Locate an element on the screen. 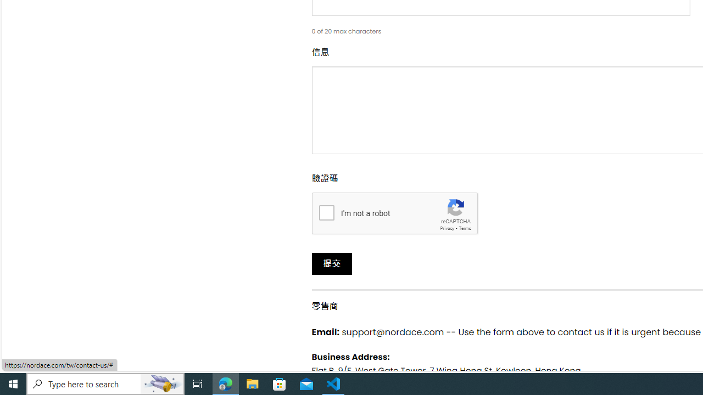 The width and height of the screenshot is (703, 395). 'Terms' is located at coordinates (465, 228).